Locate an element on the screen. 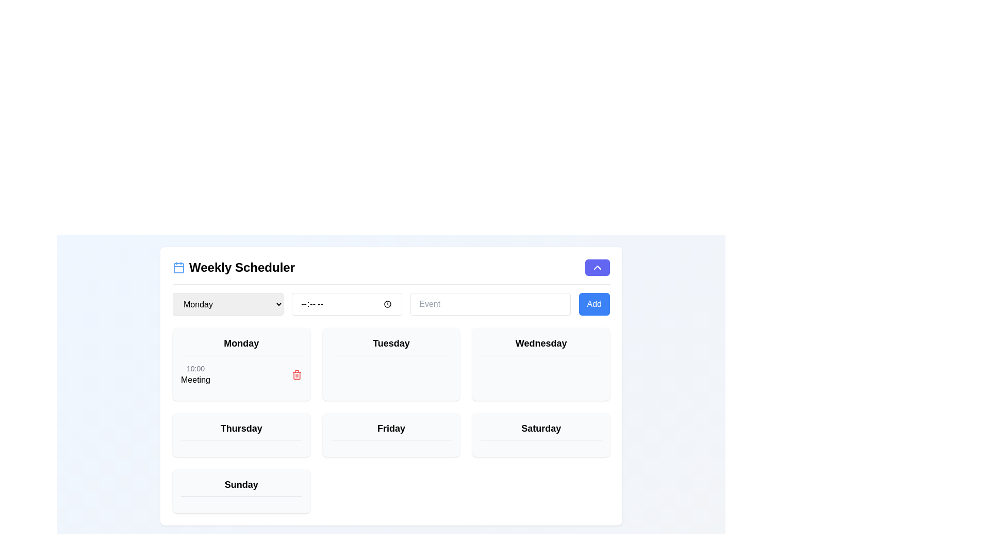 The width and height of the screenshot is (990, 557). the small purple button with a white chevron arrow pointing upwards located in the upper-right corner of the 'Weekly Scheduler' section is located at coordinates (597, 267).